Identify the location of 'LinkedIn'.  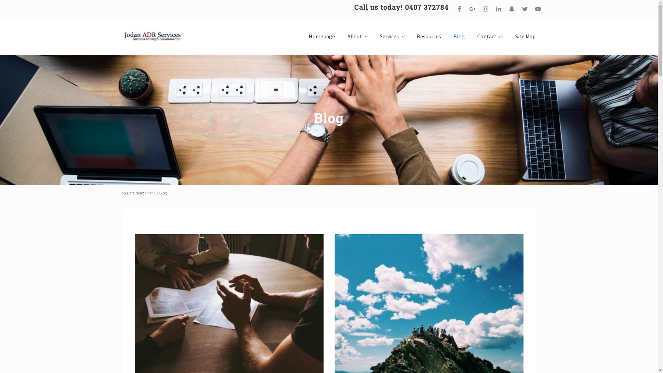
(498, 9).